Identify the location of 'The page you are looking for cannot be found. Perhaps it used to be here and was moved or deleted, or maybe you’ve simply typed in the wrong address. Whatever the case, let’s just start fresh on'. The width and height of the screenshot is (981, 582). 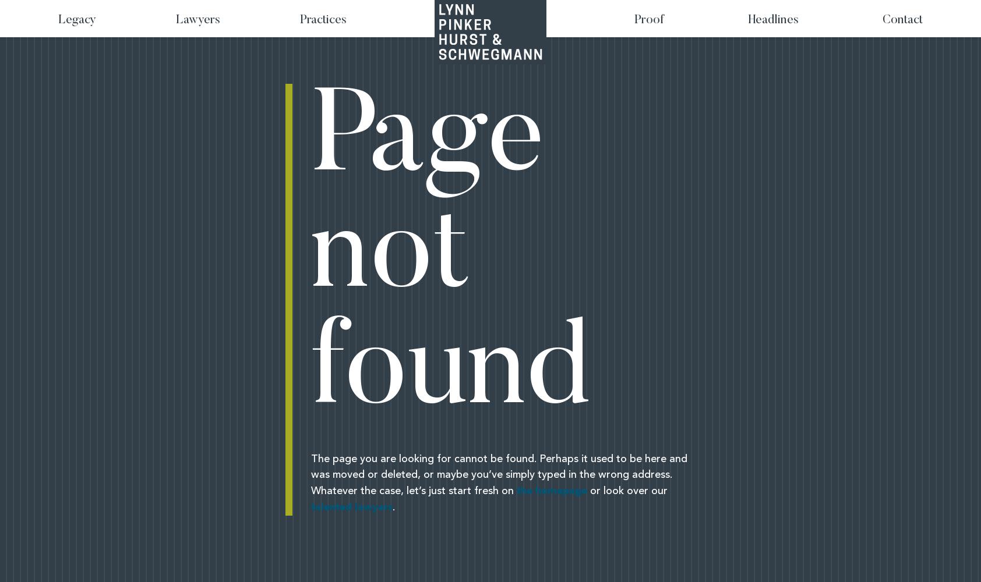
(498, 474).